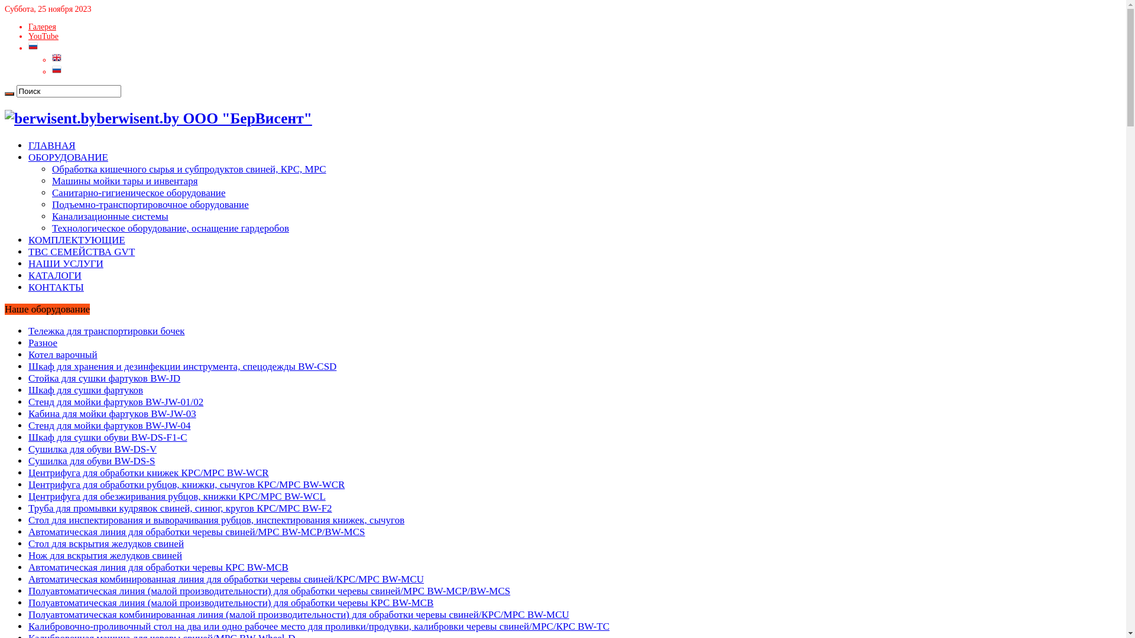 The height and width of the screenshot is (638, 1135). I want to click on 'English', so click(56, 60).